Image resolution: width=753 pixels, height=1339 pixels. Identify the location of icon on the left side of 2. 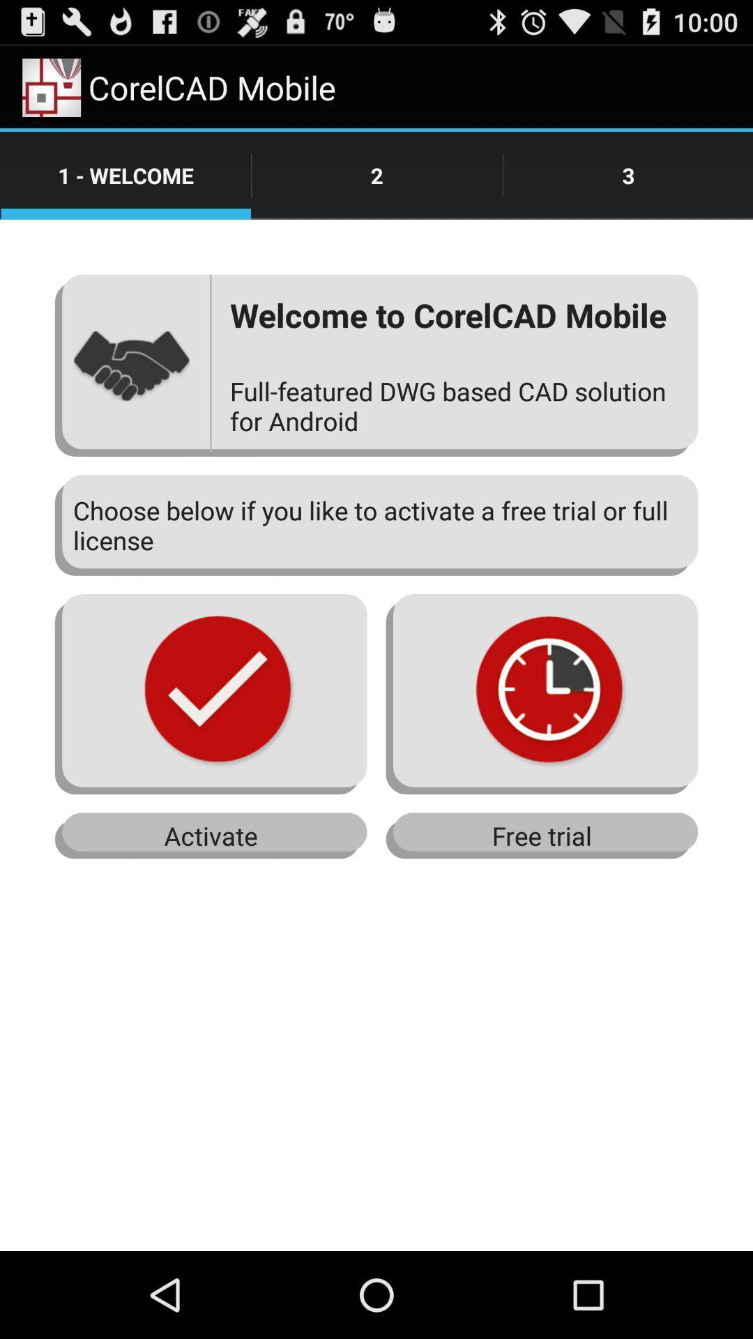
(126, 175).